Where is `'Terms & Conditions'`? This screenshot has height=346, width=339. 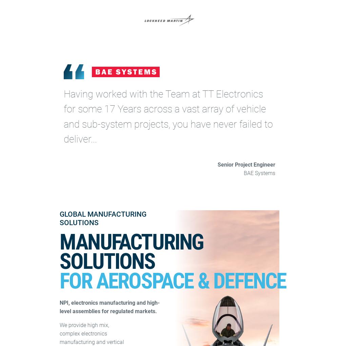
'Terms & Conditions' is located at coordinates (197, 123).